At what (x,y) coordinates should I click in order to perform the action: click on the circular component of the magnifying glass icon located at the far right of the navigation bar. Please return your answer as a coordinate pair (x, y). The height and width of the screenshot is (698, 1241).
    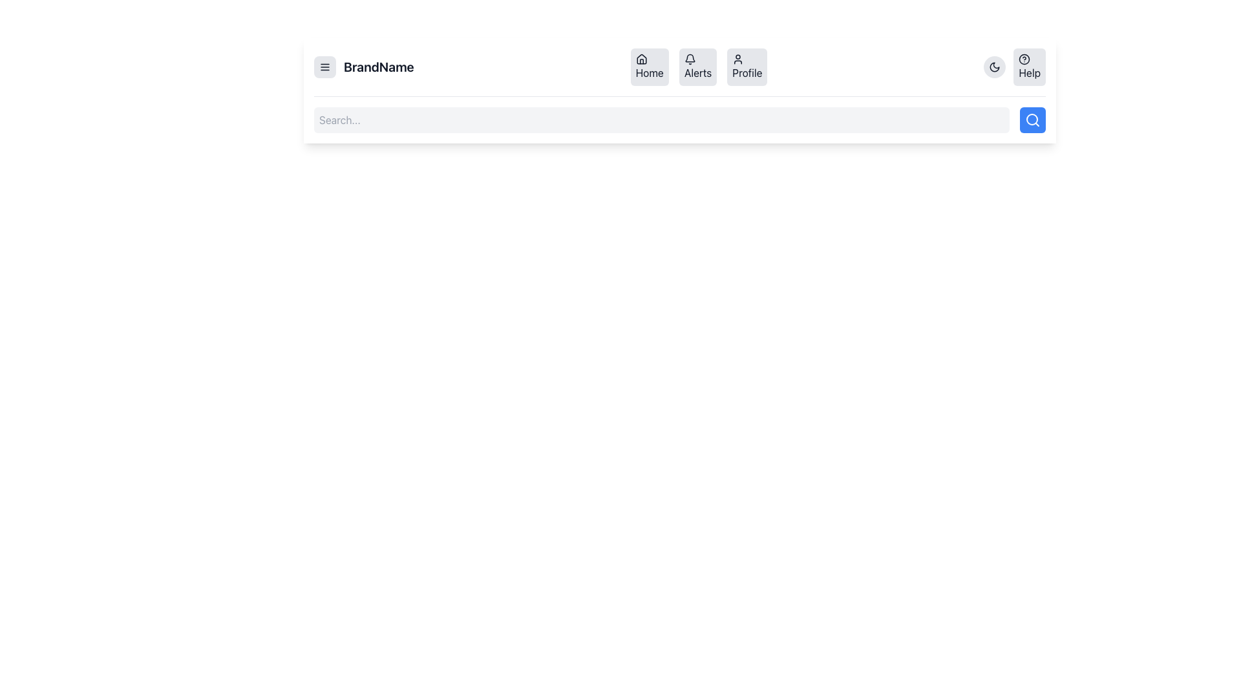
    Looking at the image, I should click on (1032, 120).